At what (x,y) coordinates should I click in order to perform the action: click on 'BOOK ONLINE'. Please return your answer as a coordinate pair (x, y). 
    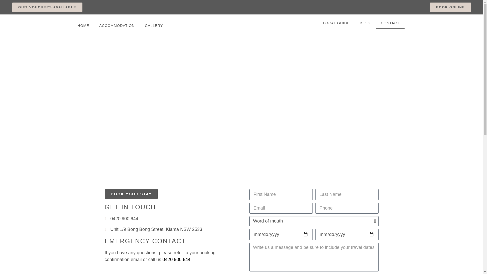
    Looking at the image, I should click on (450, 7).